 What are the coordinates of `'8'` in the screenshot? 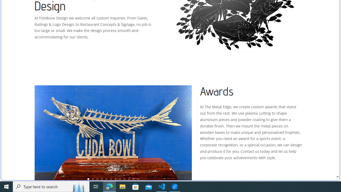 It's located at (120, 179).